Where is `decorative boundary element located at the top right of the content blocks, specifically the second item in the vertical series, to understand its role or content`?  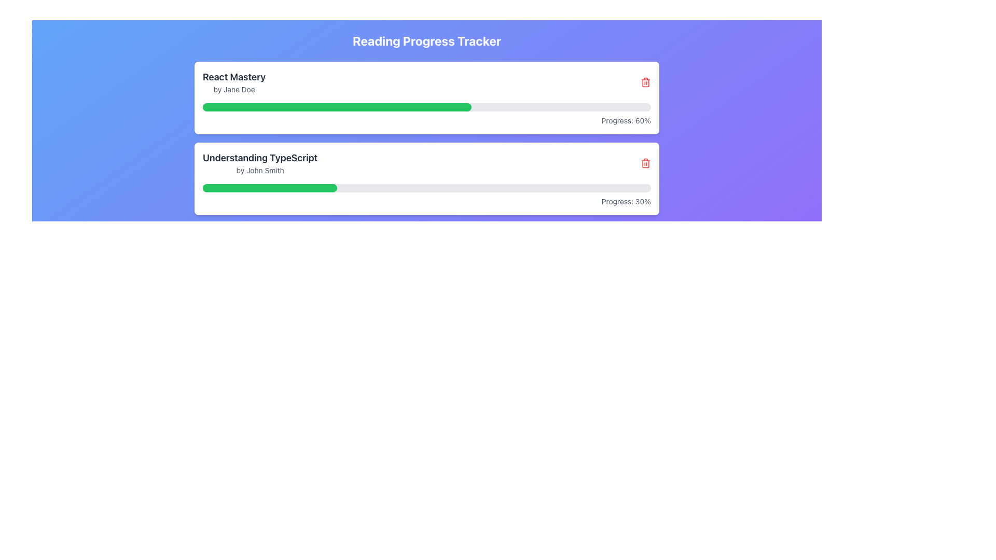 decorative boundary element located at the top right of the content blocks, specifically the second item in the vertical series, to understand its role or content is located at coordinates (645, 82).